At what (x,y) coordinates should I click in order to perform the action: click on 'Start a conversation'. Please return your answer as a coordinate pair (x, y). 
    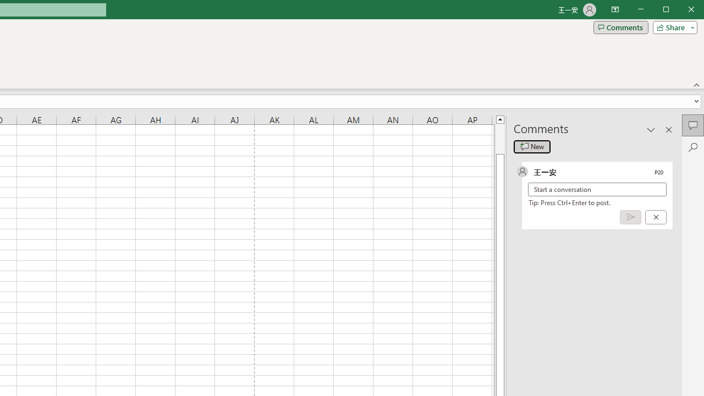
    Looking at the image, I should click on (597, 189).